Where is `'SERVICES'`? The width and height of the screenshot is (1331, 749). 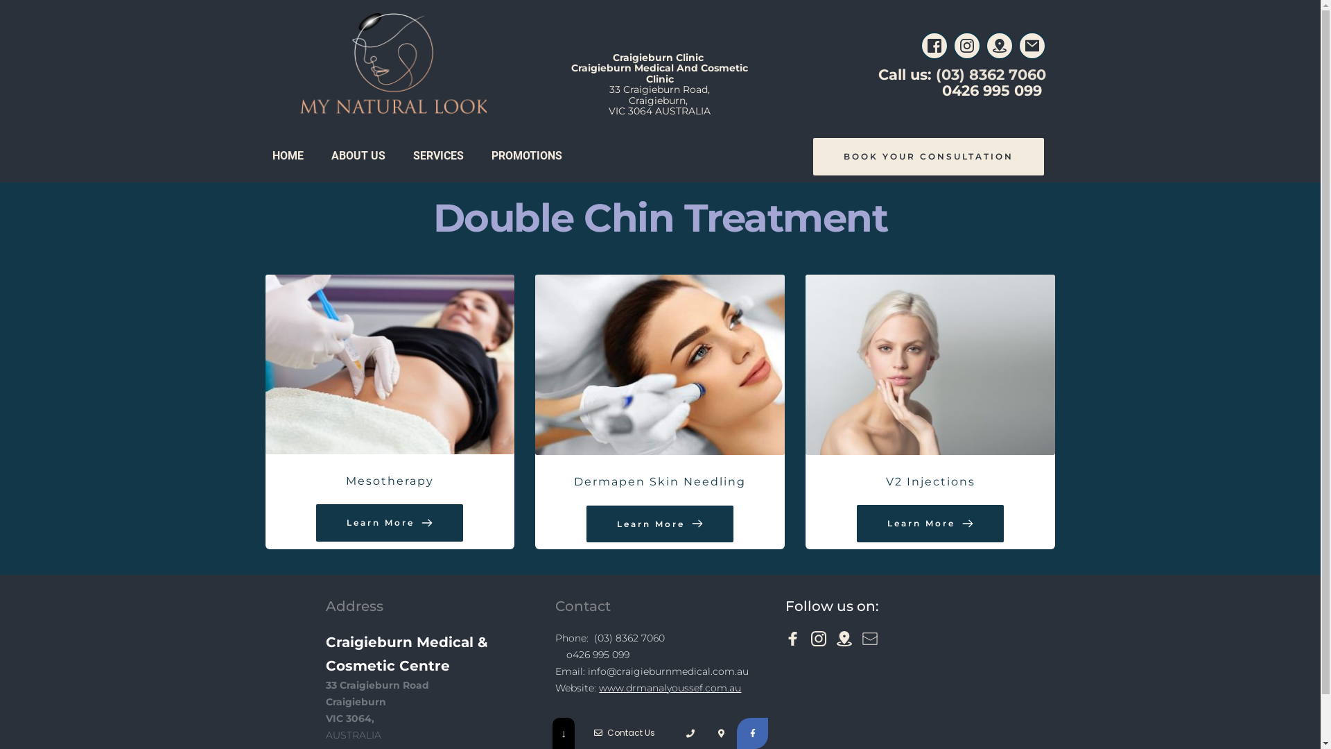 'SERVICES' is located at coordinates (437, 155).